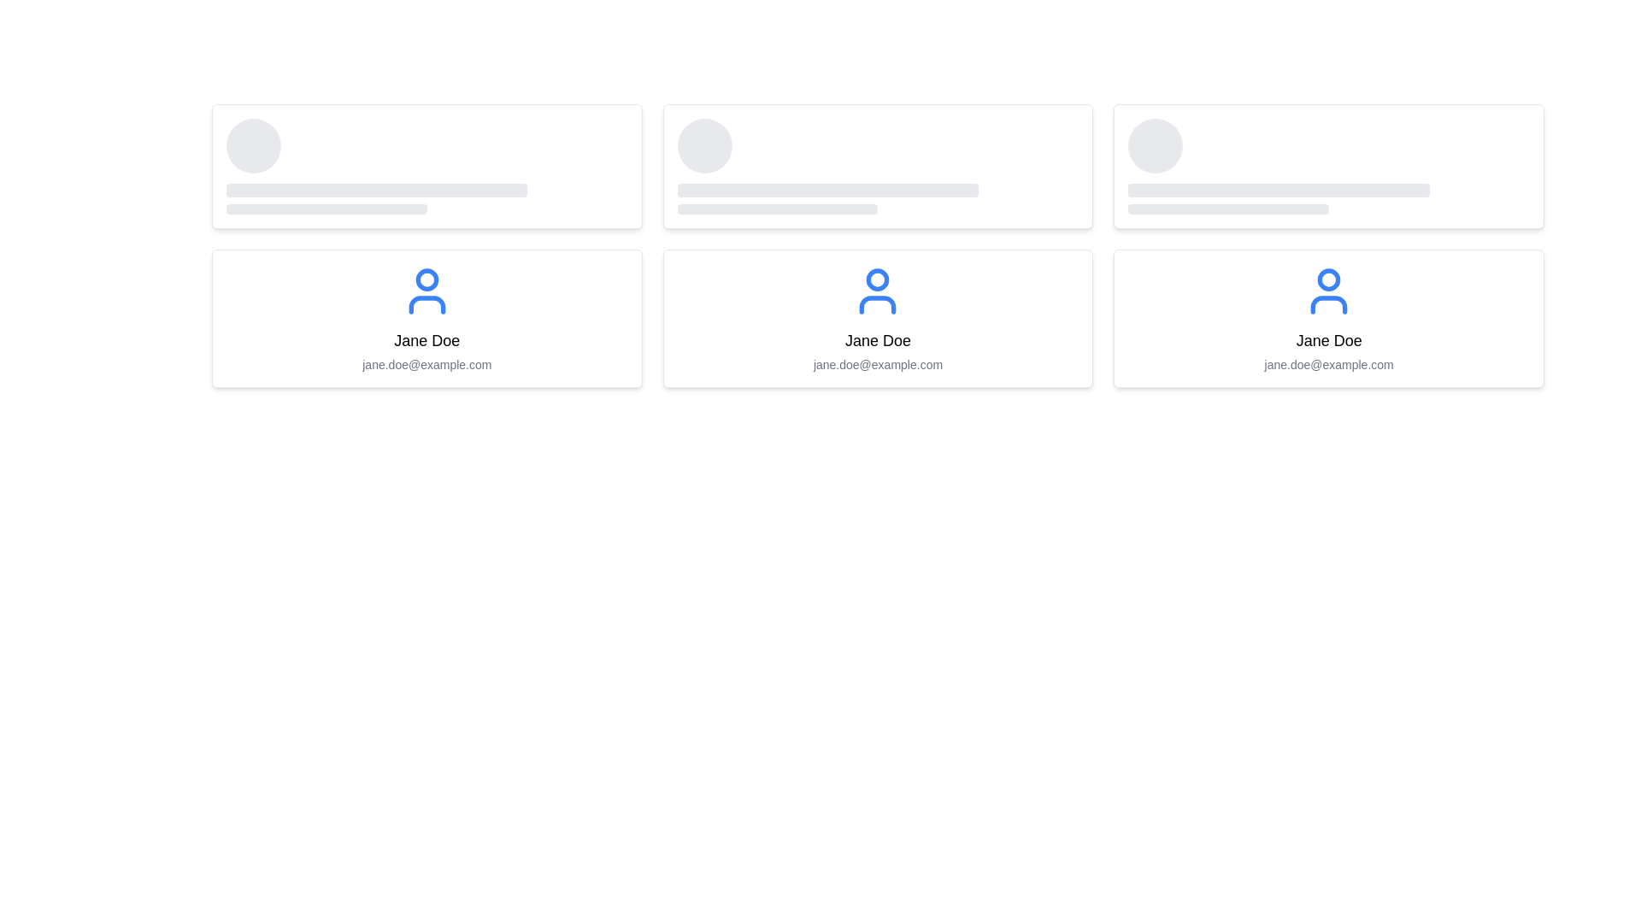 The width and height of the screenshot is (1641, 923). Describe the element at coordinates (426, 290) in the screenshot. I see `the user profile icon located above the text 'Jane Doe' and the email address 'jane.doe@example.com' in the card layout` at that location.